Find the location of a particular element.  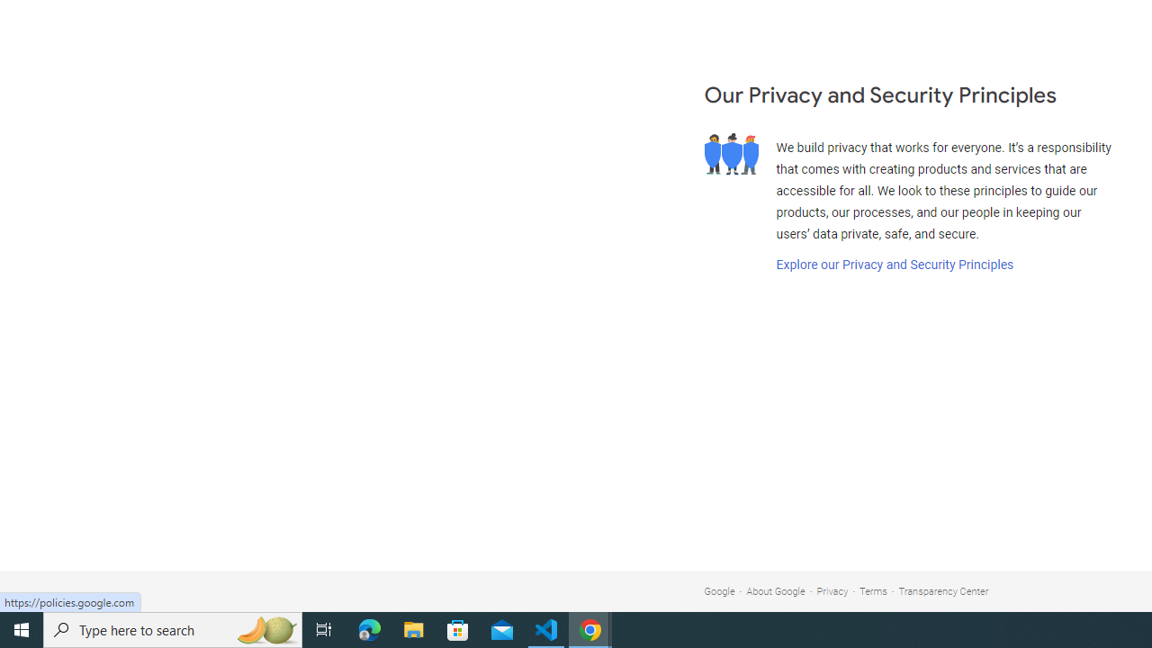

'Explore our Privacy and Security Principles' is located at coordinates (894, 265).